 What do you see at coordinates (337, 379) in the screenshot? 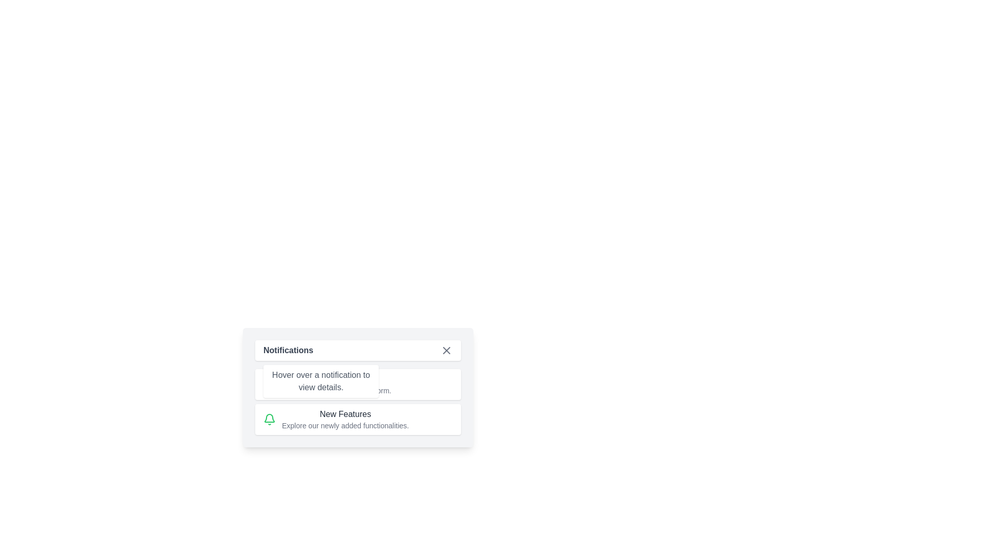
I see `the text label displaying 'Welcome!' which is styled in medium-weight font and gray color (#gray-800), located at the top section of a notification card` at bounding box center [337, 379].